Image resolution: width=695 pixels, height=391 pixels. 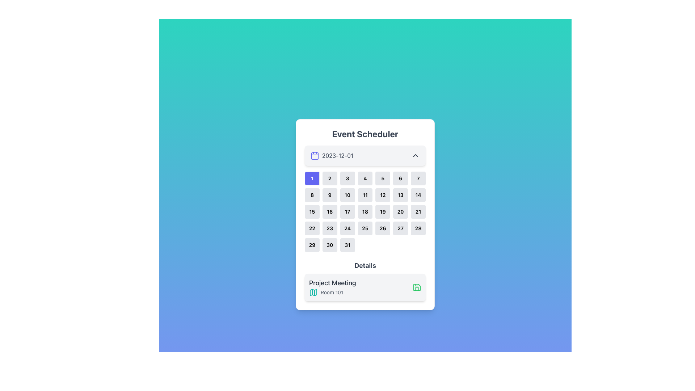 I want to click on the selectable date button for '14' in the calendar interface, so click(x=418, y=195).